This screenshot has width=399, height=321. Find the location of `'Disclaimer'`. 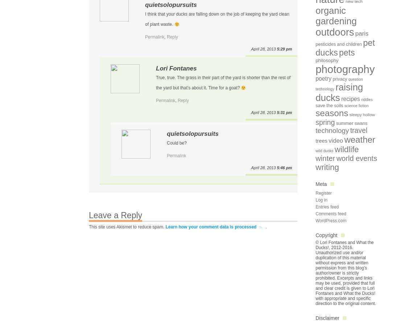

'Disclaimer' is located at coordinates (327, 318).